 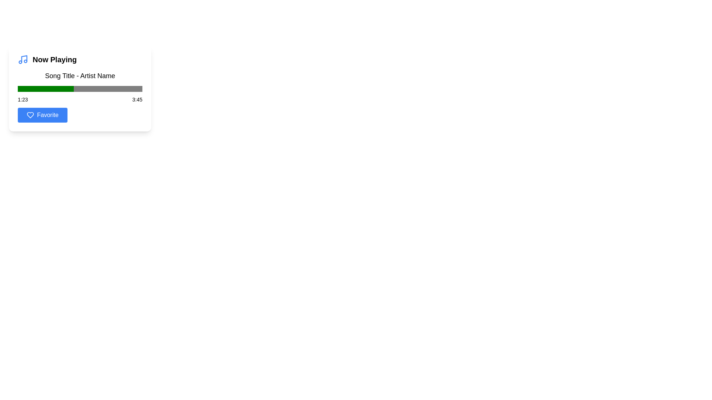 What do you see at coordinates (54, 59) in the screenshot?
I see `the 'Now Playing' text label, which is displayed in bold font and is positioned near the top left of the card interface, to the right of a blue music icon` at bounding box center [54, 59].